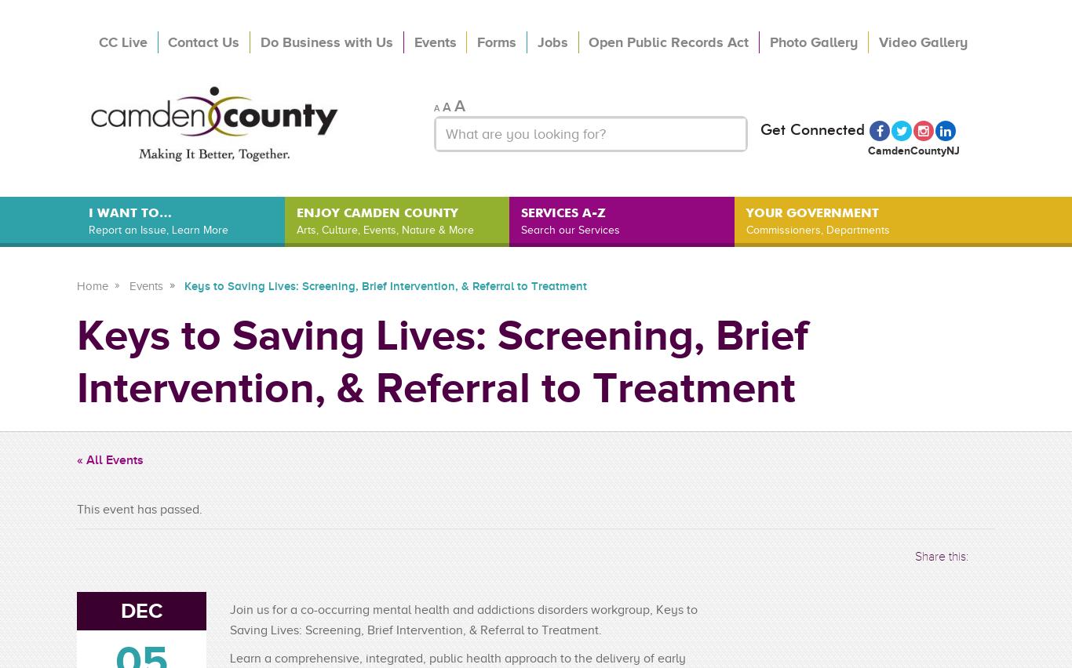 The width and height of the screenshot is (1072, 668). I want to click on 'Jobs', so click(552, 41).